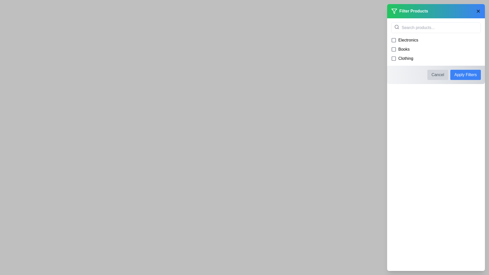 The height and width of the screenshot is (275, 489). What do you see at coordinates (393, 40) in the screenshot?
I see `the unselected checkbox located to the left of the 'Electronics' label in the 'Filter Products' section` at bounding box center [393, 40].